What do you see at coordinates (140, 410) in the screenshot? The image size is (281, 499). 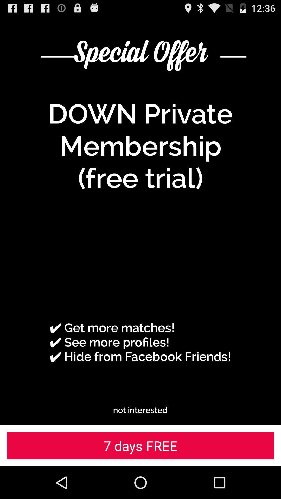 I see `not interested icon` at bounding box center [140, 410].